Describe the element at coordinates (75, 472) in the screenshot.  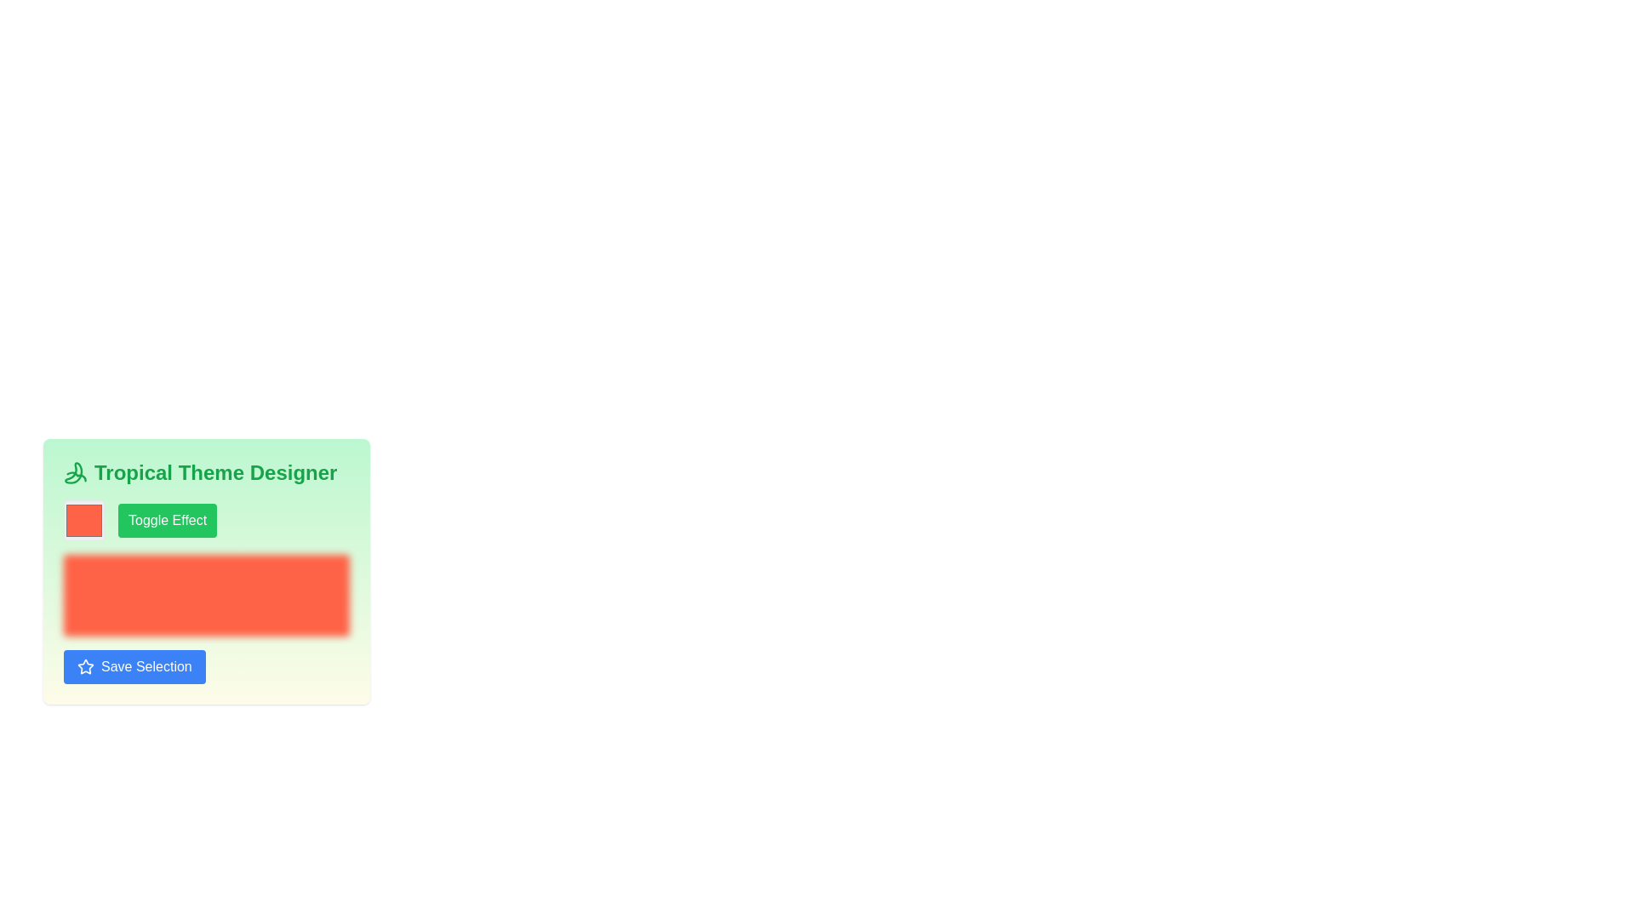
I see `the banana icon, which has a green outline and is positioned to the left of the title text 'Tropical Theme Designer'` at that location.